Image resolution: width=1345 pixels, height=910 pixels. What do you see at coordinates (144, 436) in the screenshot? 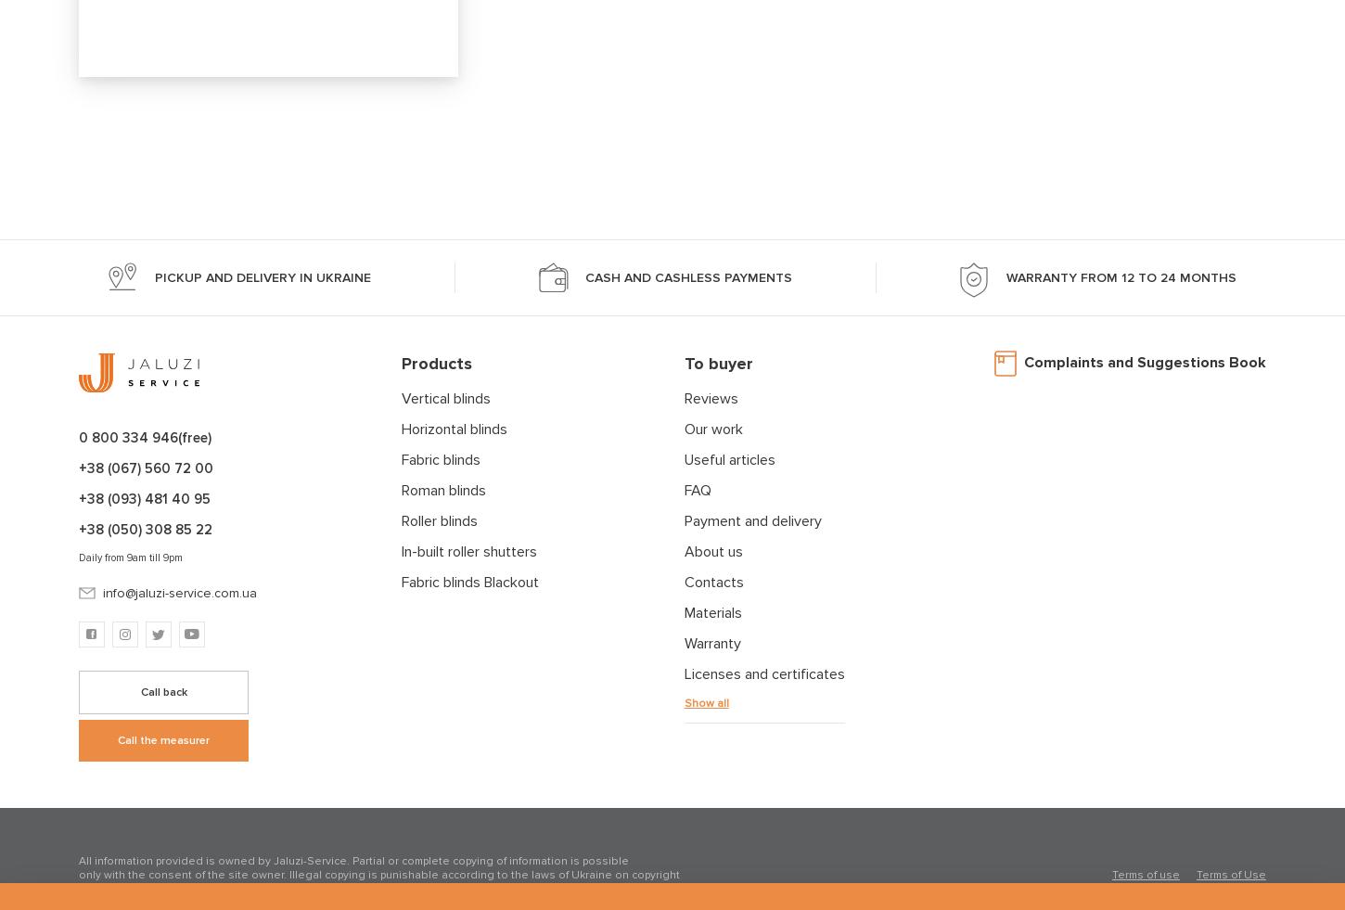
I see `'0 800 334 946(free)'` at bounding box center [144, 436].